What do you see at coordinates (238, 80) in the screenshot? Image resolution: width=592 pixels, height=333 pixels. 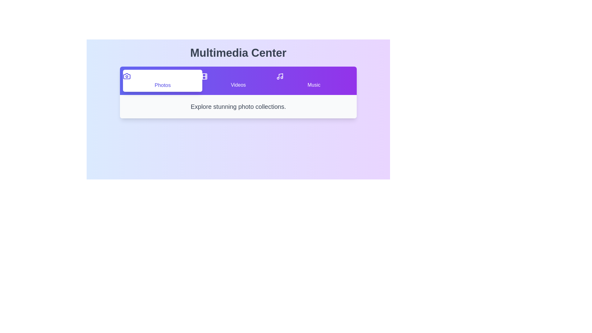 I see `the Videos tab by clicking on it` at bounding box center [238, 80].